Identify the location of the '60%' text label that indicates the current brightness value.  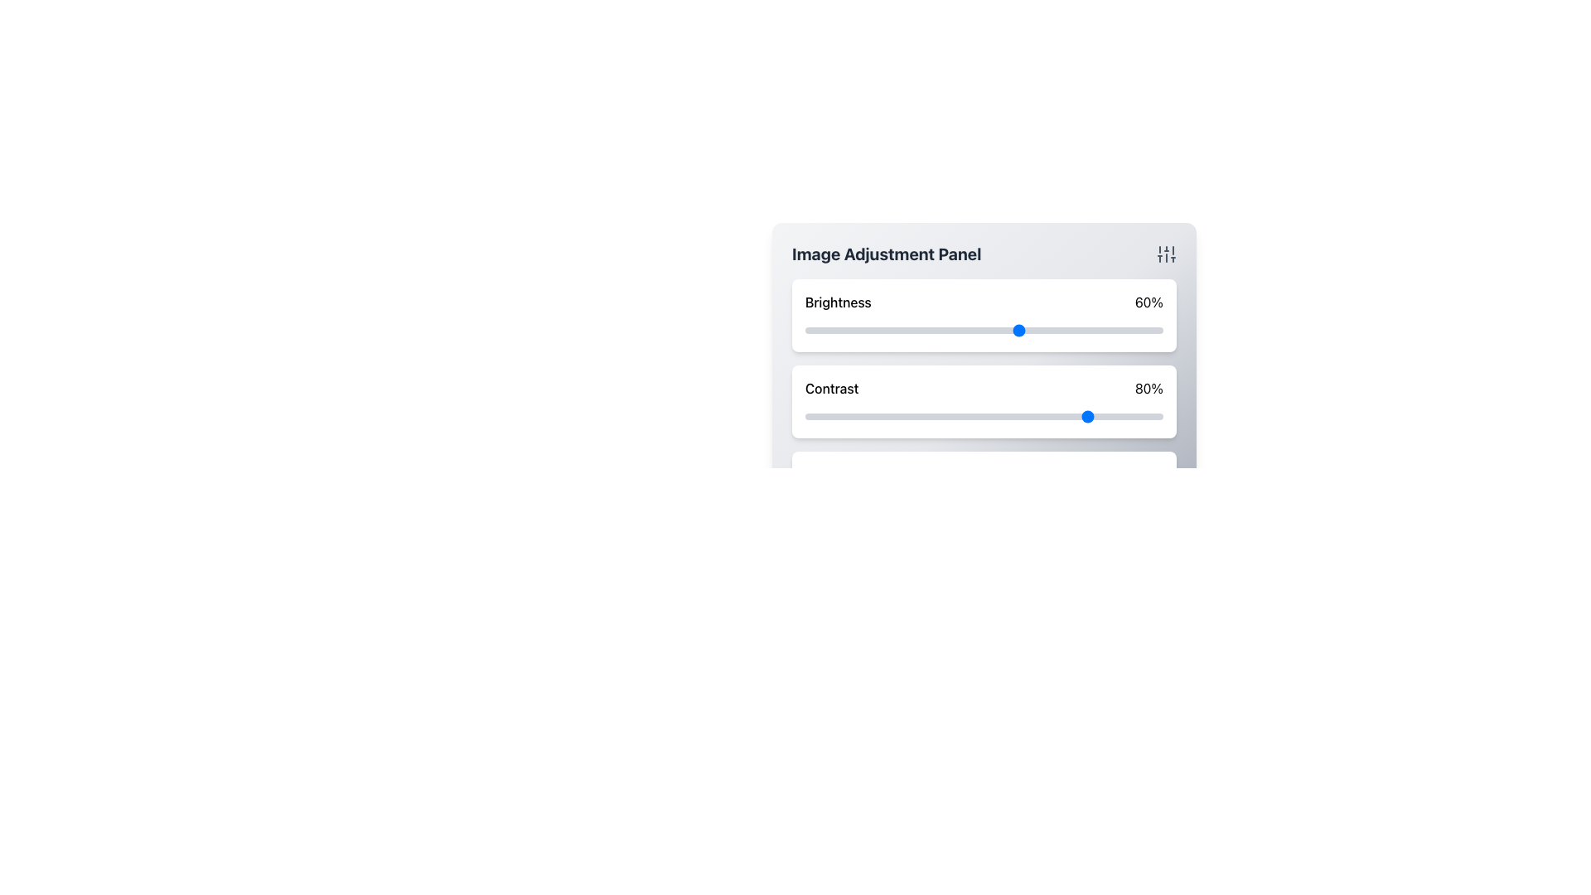
(1149, 302).